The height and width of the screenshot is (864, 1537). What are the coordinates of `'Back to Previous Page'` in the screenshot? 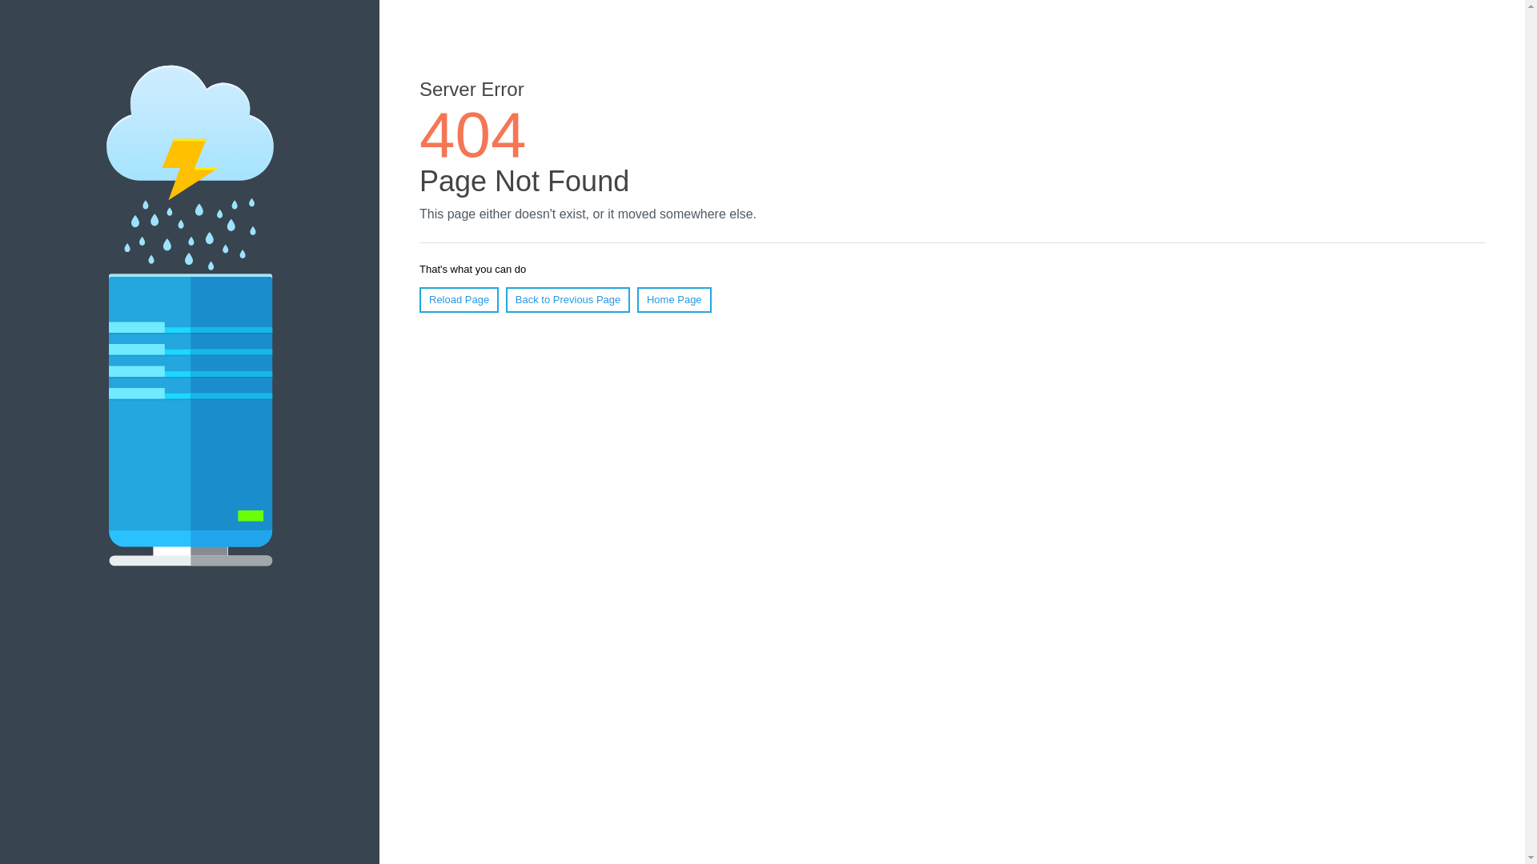 It's located at (505, 299).